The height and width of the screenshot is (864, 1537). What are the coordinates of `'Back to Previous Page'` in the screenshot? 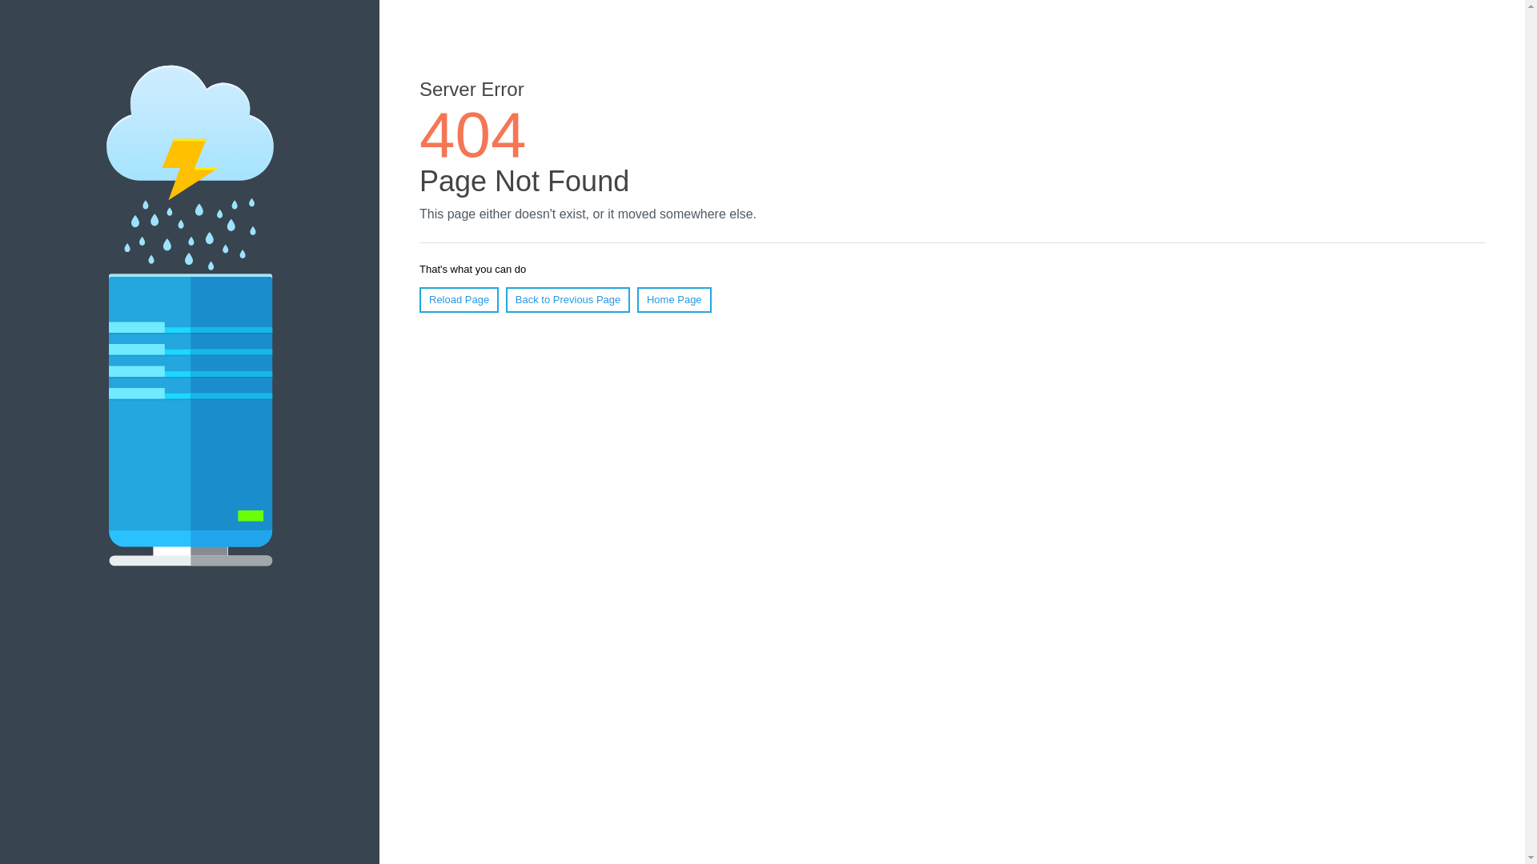 It's located at (505, 299).